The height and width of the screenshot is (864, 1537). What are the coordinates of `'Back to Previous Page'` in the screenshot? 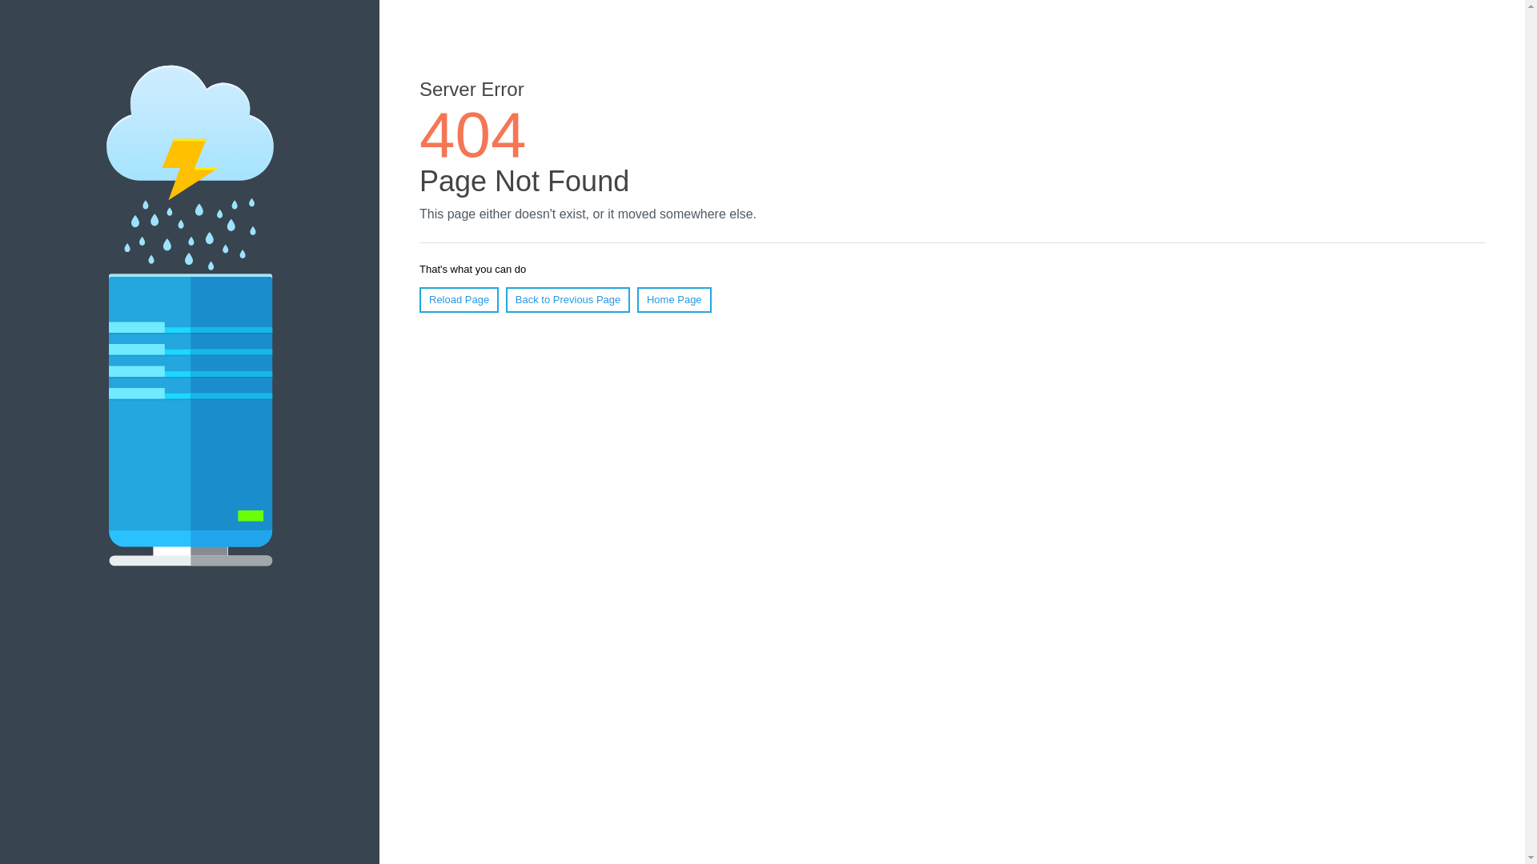 It's located at (505, 299).